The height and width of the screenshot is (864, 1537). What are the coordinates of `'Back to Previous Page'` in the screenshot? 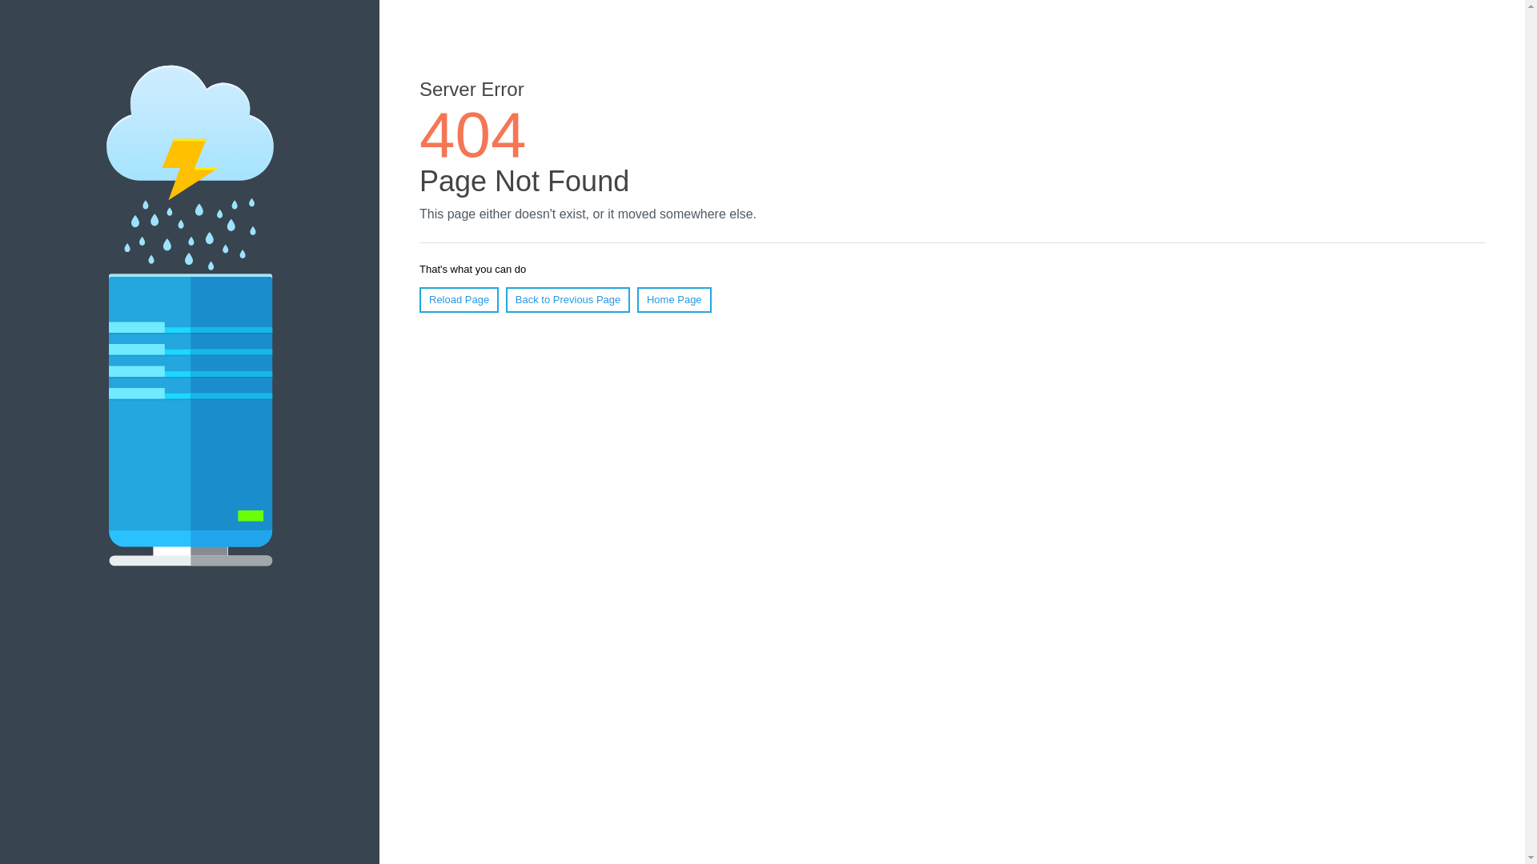 It's located at (505, 299).